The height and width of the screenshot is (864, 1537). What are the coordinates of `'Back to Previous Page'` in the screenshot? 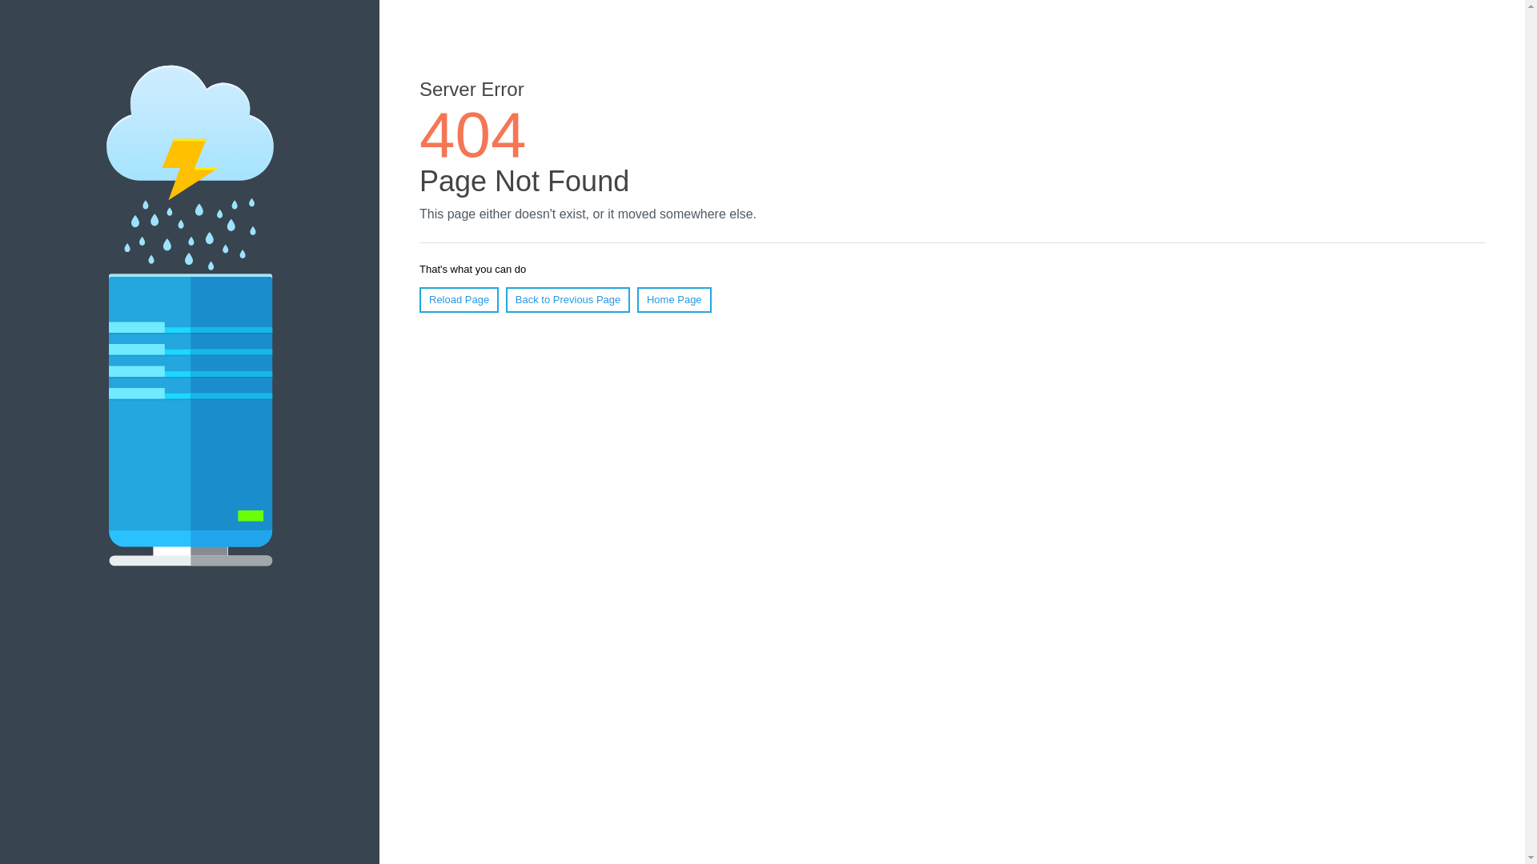 It's located at (505, 299).